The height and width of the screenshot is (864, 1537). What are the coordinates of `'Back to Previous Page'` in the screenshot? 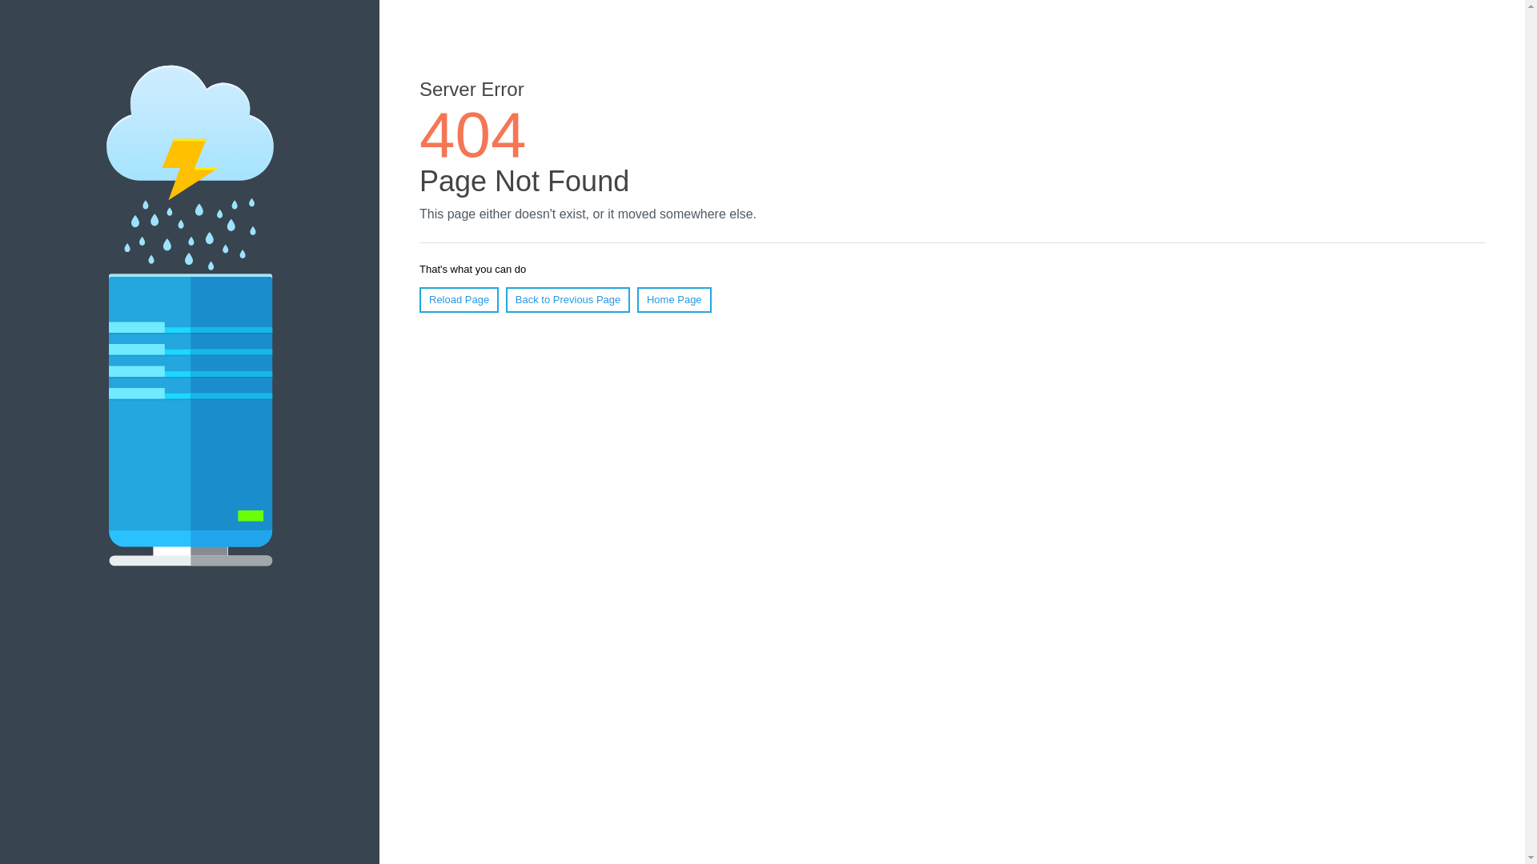 It's located at (505, 299).